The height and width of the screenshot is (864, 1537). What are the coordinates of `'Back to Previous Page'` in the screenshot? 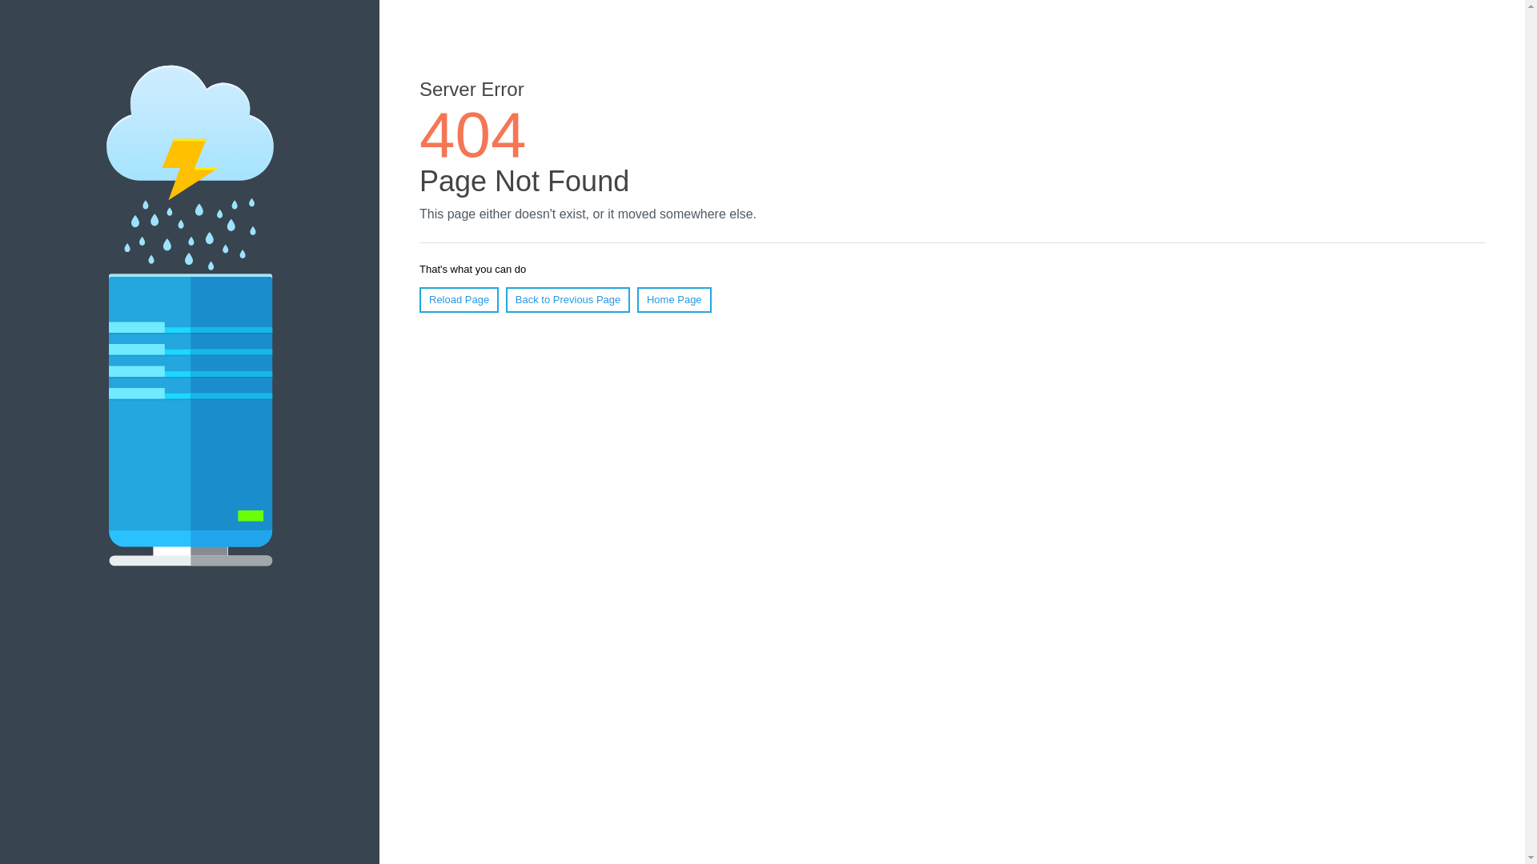 It's located at (505, 299).